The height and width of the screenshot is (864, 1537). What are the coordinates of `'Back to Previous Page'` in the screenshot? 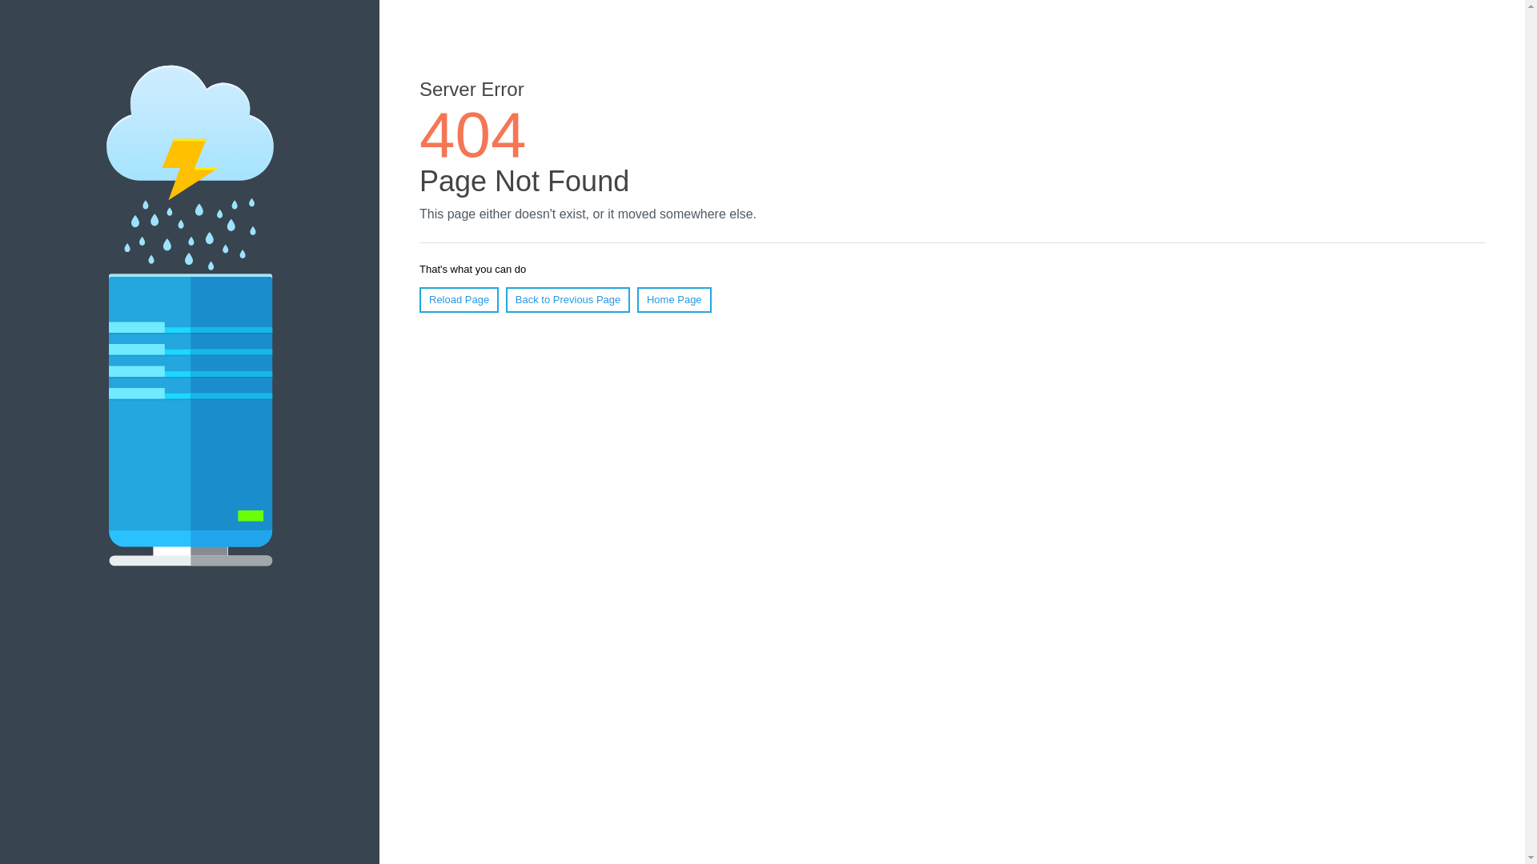 It's located at (505, 299).